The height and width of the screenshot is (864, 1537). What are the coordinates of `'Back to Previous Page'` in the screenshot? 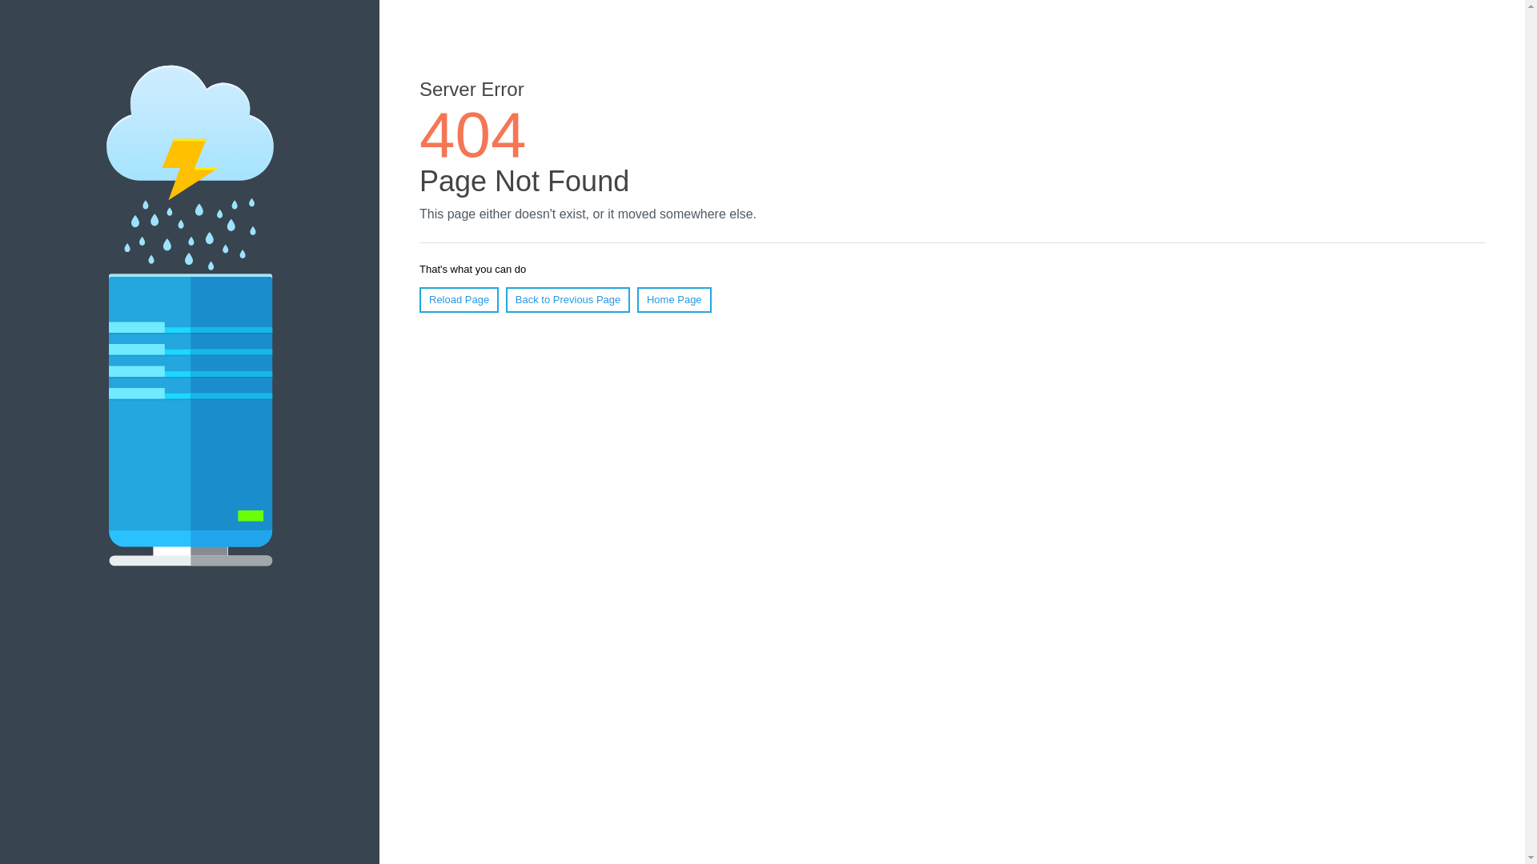 It's located at (505, 299).